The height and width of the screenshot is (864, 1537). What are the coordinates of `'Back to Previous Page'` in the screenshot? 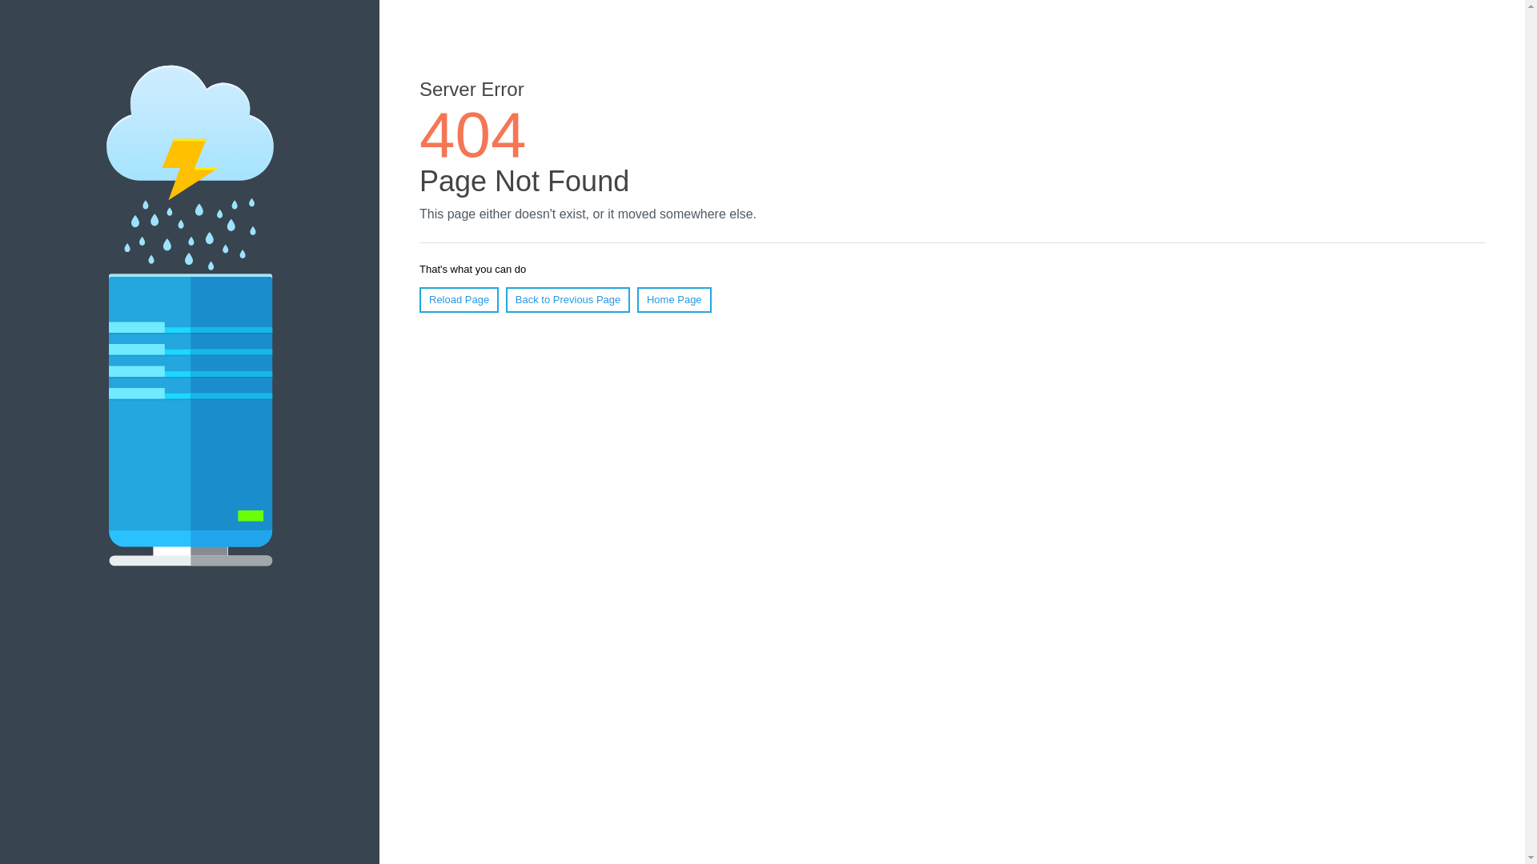 It's located at (505, 299).